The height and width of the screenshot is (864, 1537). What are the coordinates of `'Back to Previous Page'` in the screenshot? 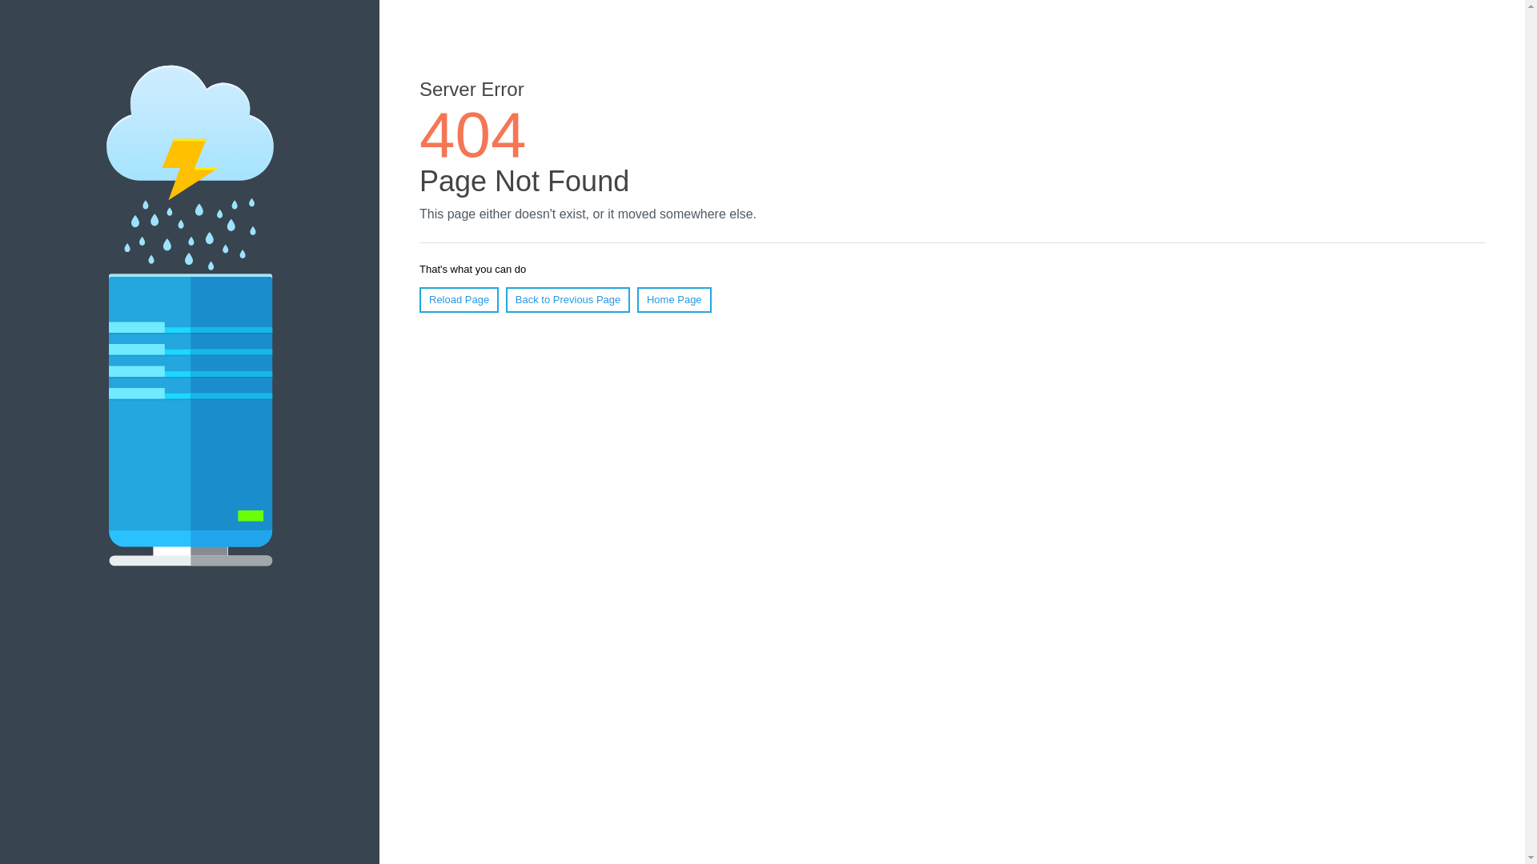 It's located at (505, 299).